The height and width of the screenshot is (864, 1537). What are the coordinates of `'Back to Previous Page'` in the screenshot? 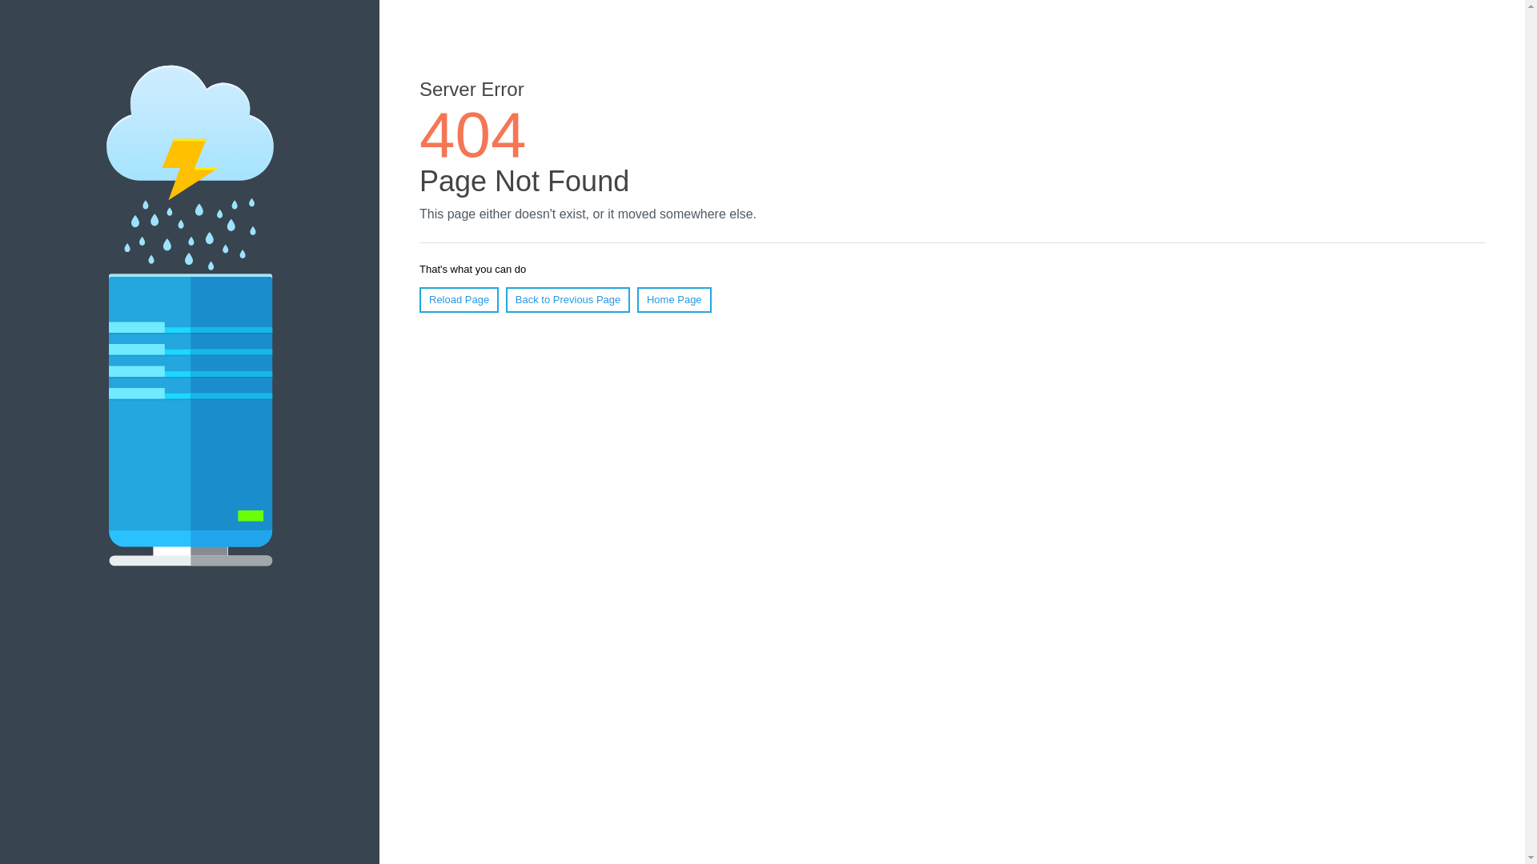 It's located at (505, 299).